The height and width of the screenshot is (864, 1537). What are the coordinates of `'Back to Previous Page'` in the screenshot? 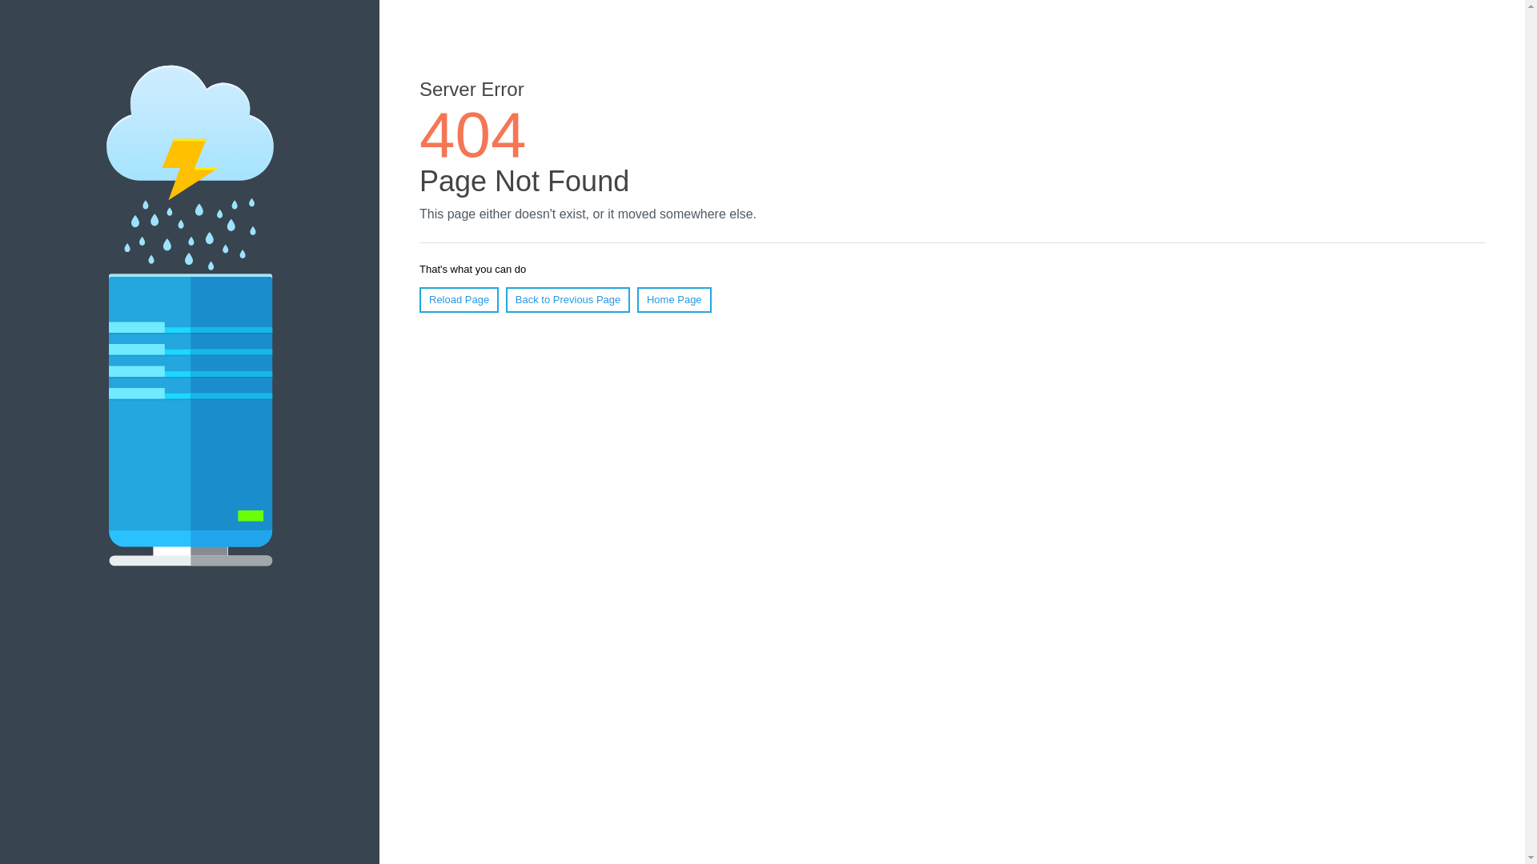 It's located at (505, 299).